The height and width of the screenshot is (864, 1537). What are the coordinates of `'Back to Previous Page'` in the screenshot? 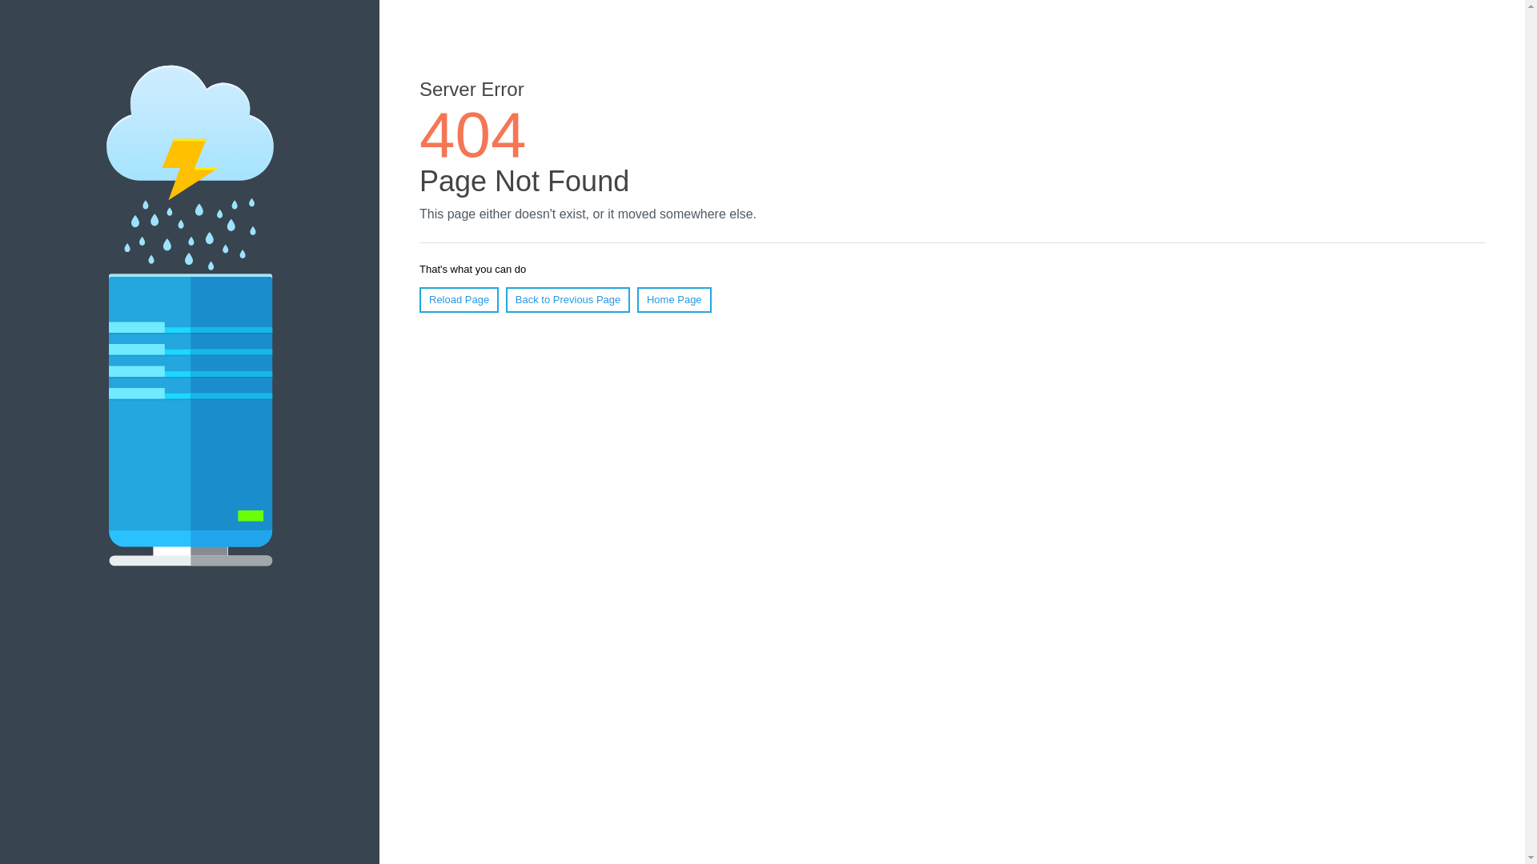 It's located at (505, 299).